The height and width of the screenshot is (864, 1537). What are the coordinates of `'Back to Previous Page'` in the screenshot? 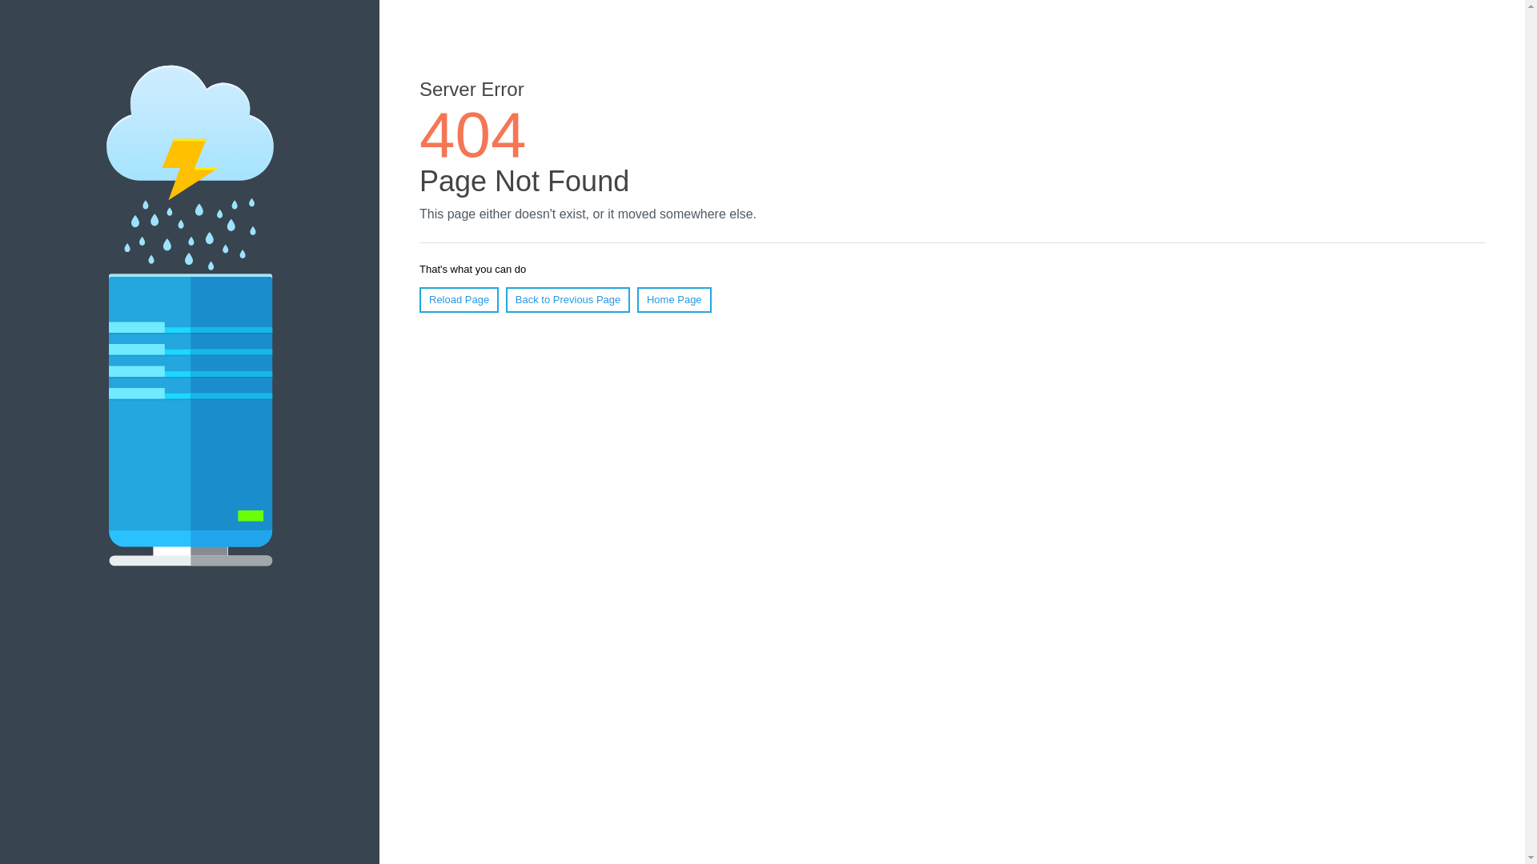 It's located at (505, 299).